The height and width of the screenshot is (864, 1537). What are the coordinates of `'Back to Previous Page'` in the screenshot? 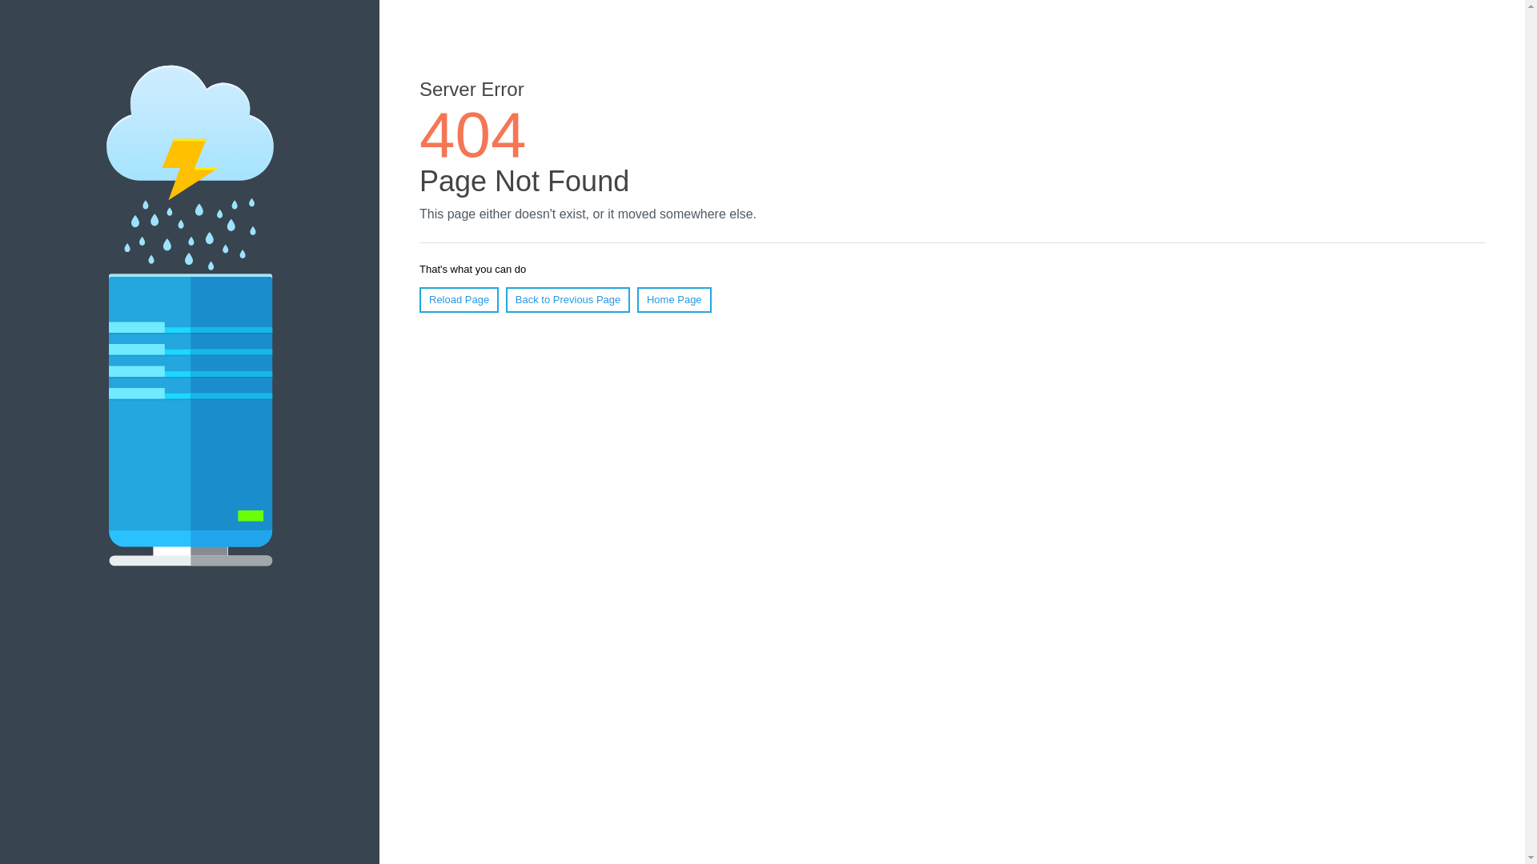 It's located at (505, 299).